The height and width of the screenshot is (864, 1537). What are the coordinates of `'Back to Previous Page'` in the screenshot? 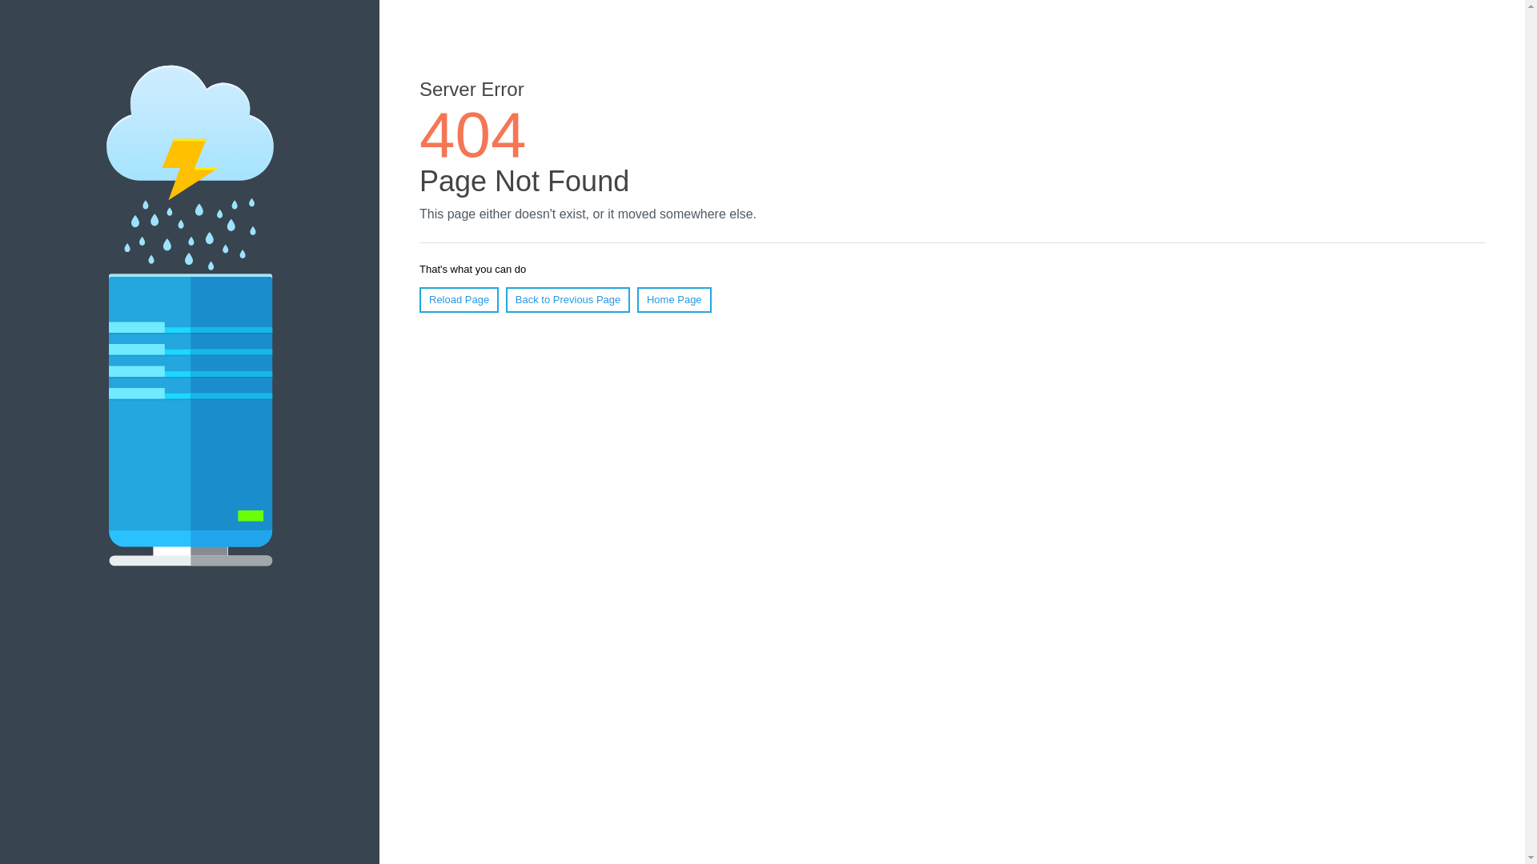 It's located at (505, 299).